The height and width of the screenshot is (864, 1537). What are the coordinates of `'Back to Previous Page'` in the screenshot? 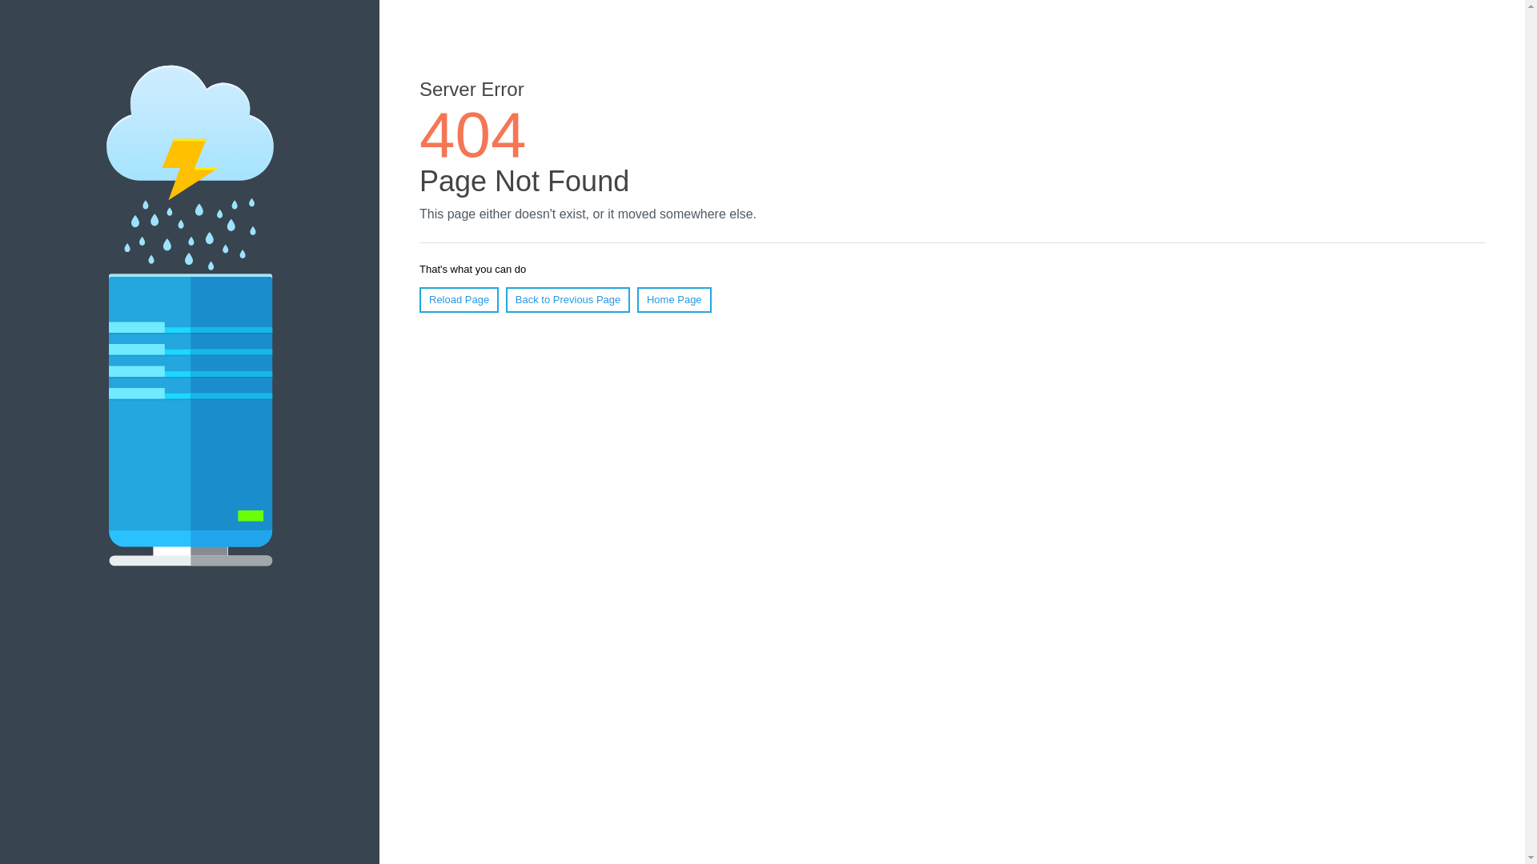 It's located at (505, 299).